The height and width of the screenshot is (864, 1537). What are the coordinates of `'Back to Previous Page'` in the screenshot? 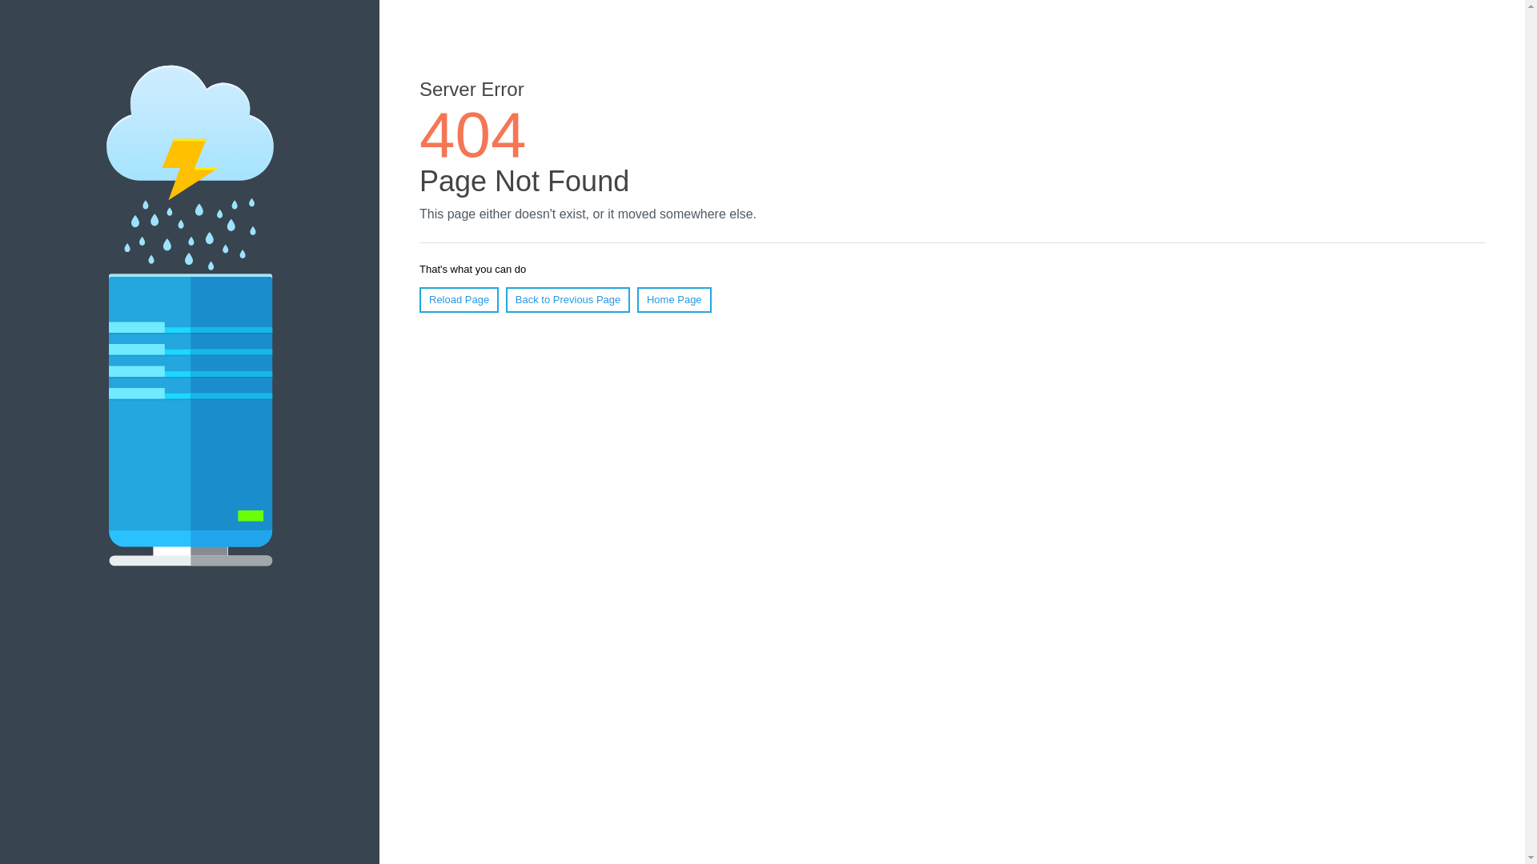 It's located at (505, 299).